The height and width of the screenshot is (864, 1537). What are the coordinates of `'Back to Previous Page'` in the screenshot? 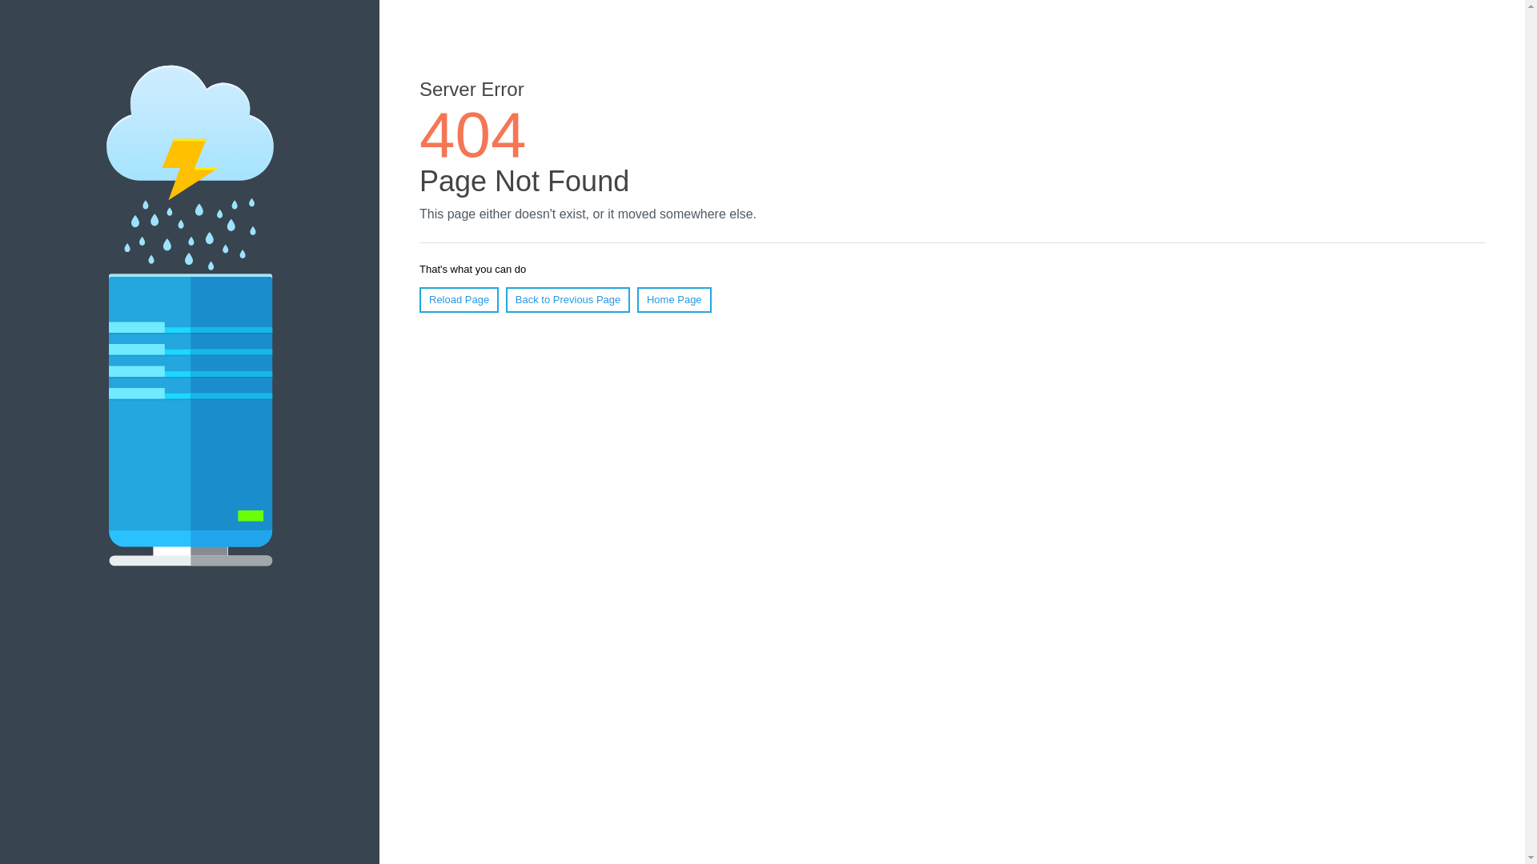 It's located at (505, 299).